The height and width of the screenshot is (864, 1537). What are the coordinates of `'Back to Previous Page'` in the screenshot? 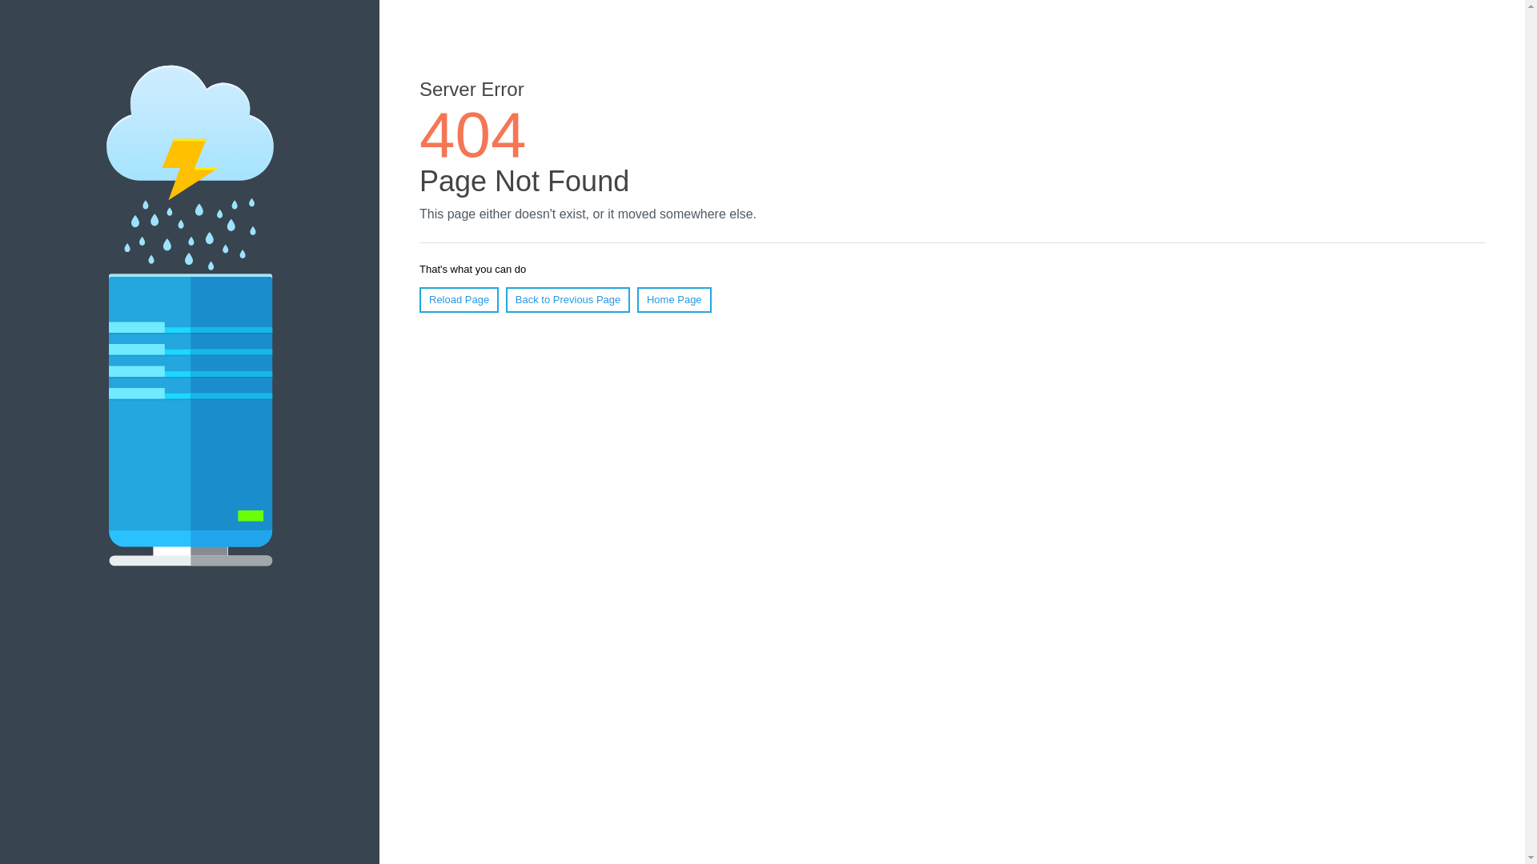 It's located at (505, 299).